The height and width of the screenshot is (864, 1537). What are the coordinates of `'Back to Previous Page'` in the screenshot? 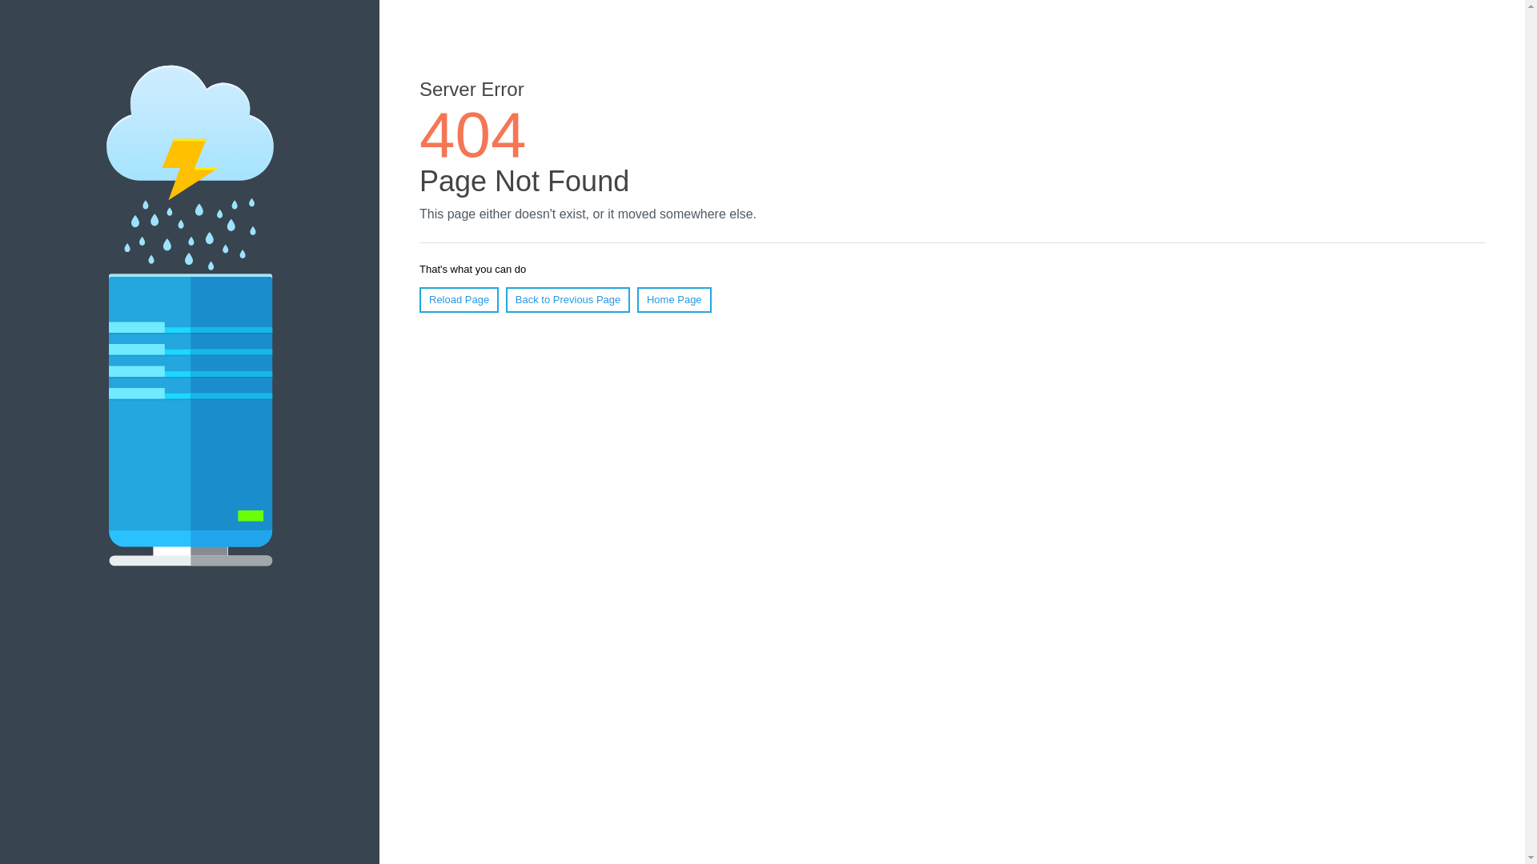 It's located at (505, 299).